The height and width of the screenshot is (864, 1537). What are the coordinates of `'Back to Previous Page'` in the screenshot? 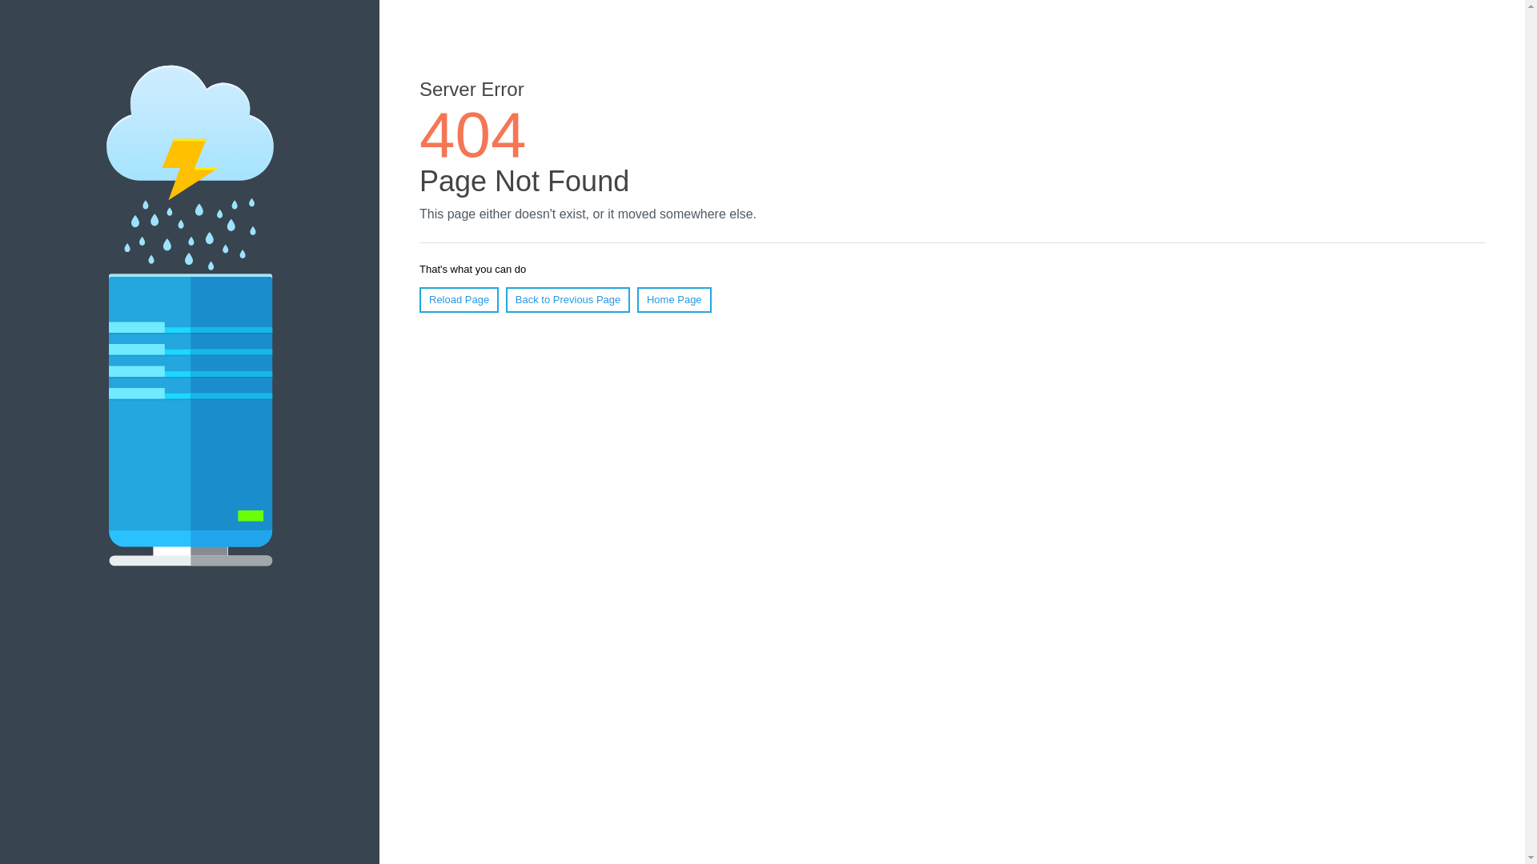 It's located at (505, 299).